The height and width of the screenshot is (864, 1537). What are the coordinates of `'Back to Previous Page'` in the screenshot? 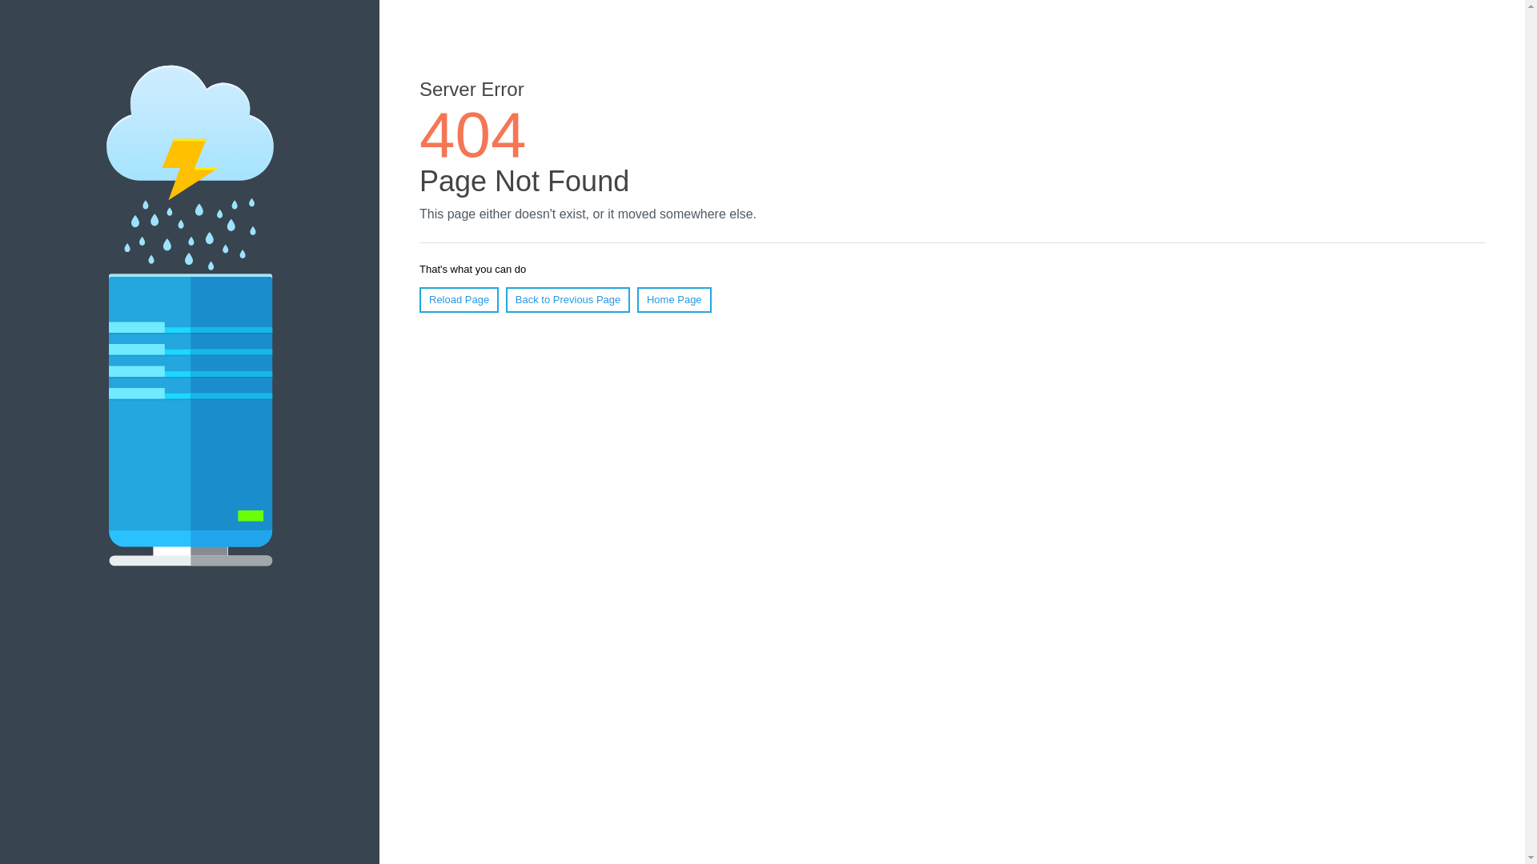 It's located at (505, 299).